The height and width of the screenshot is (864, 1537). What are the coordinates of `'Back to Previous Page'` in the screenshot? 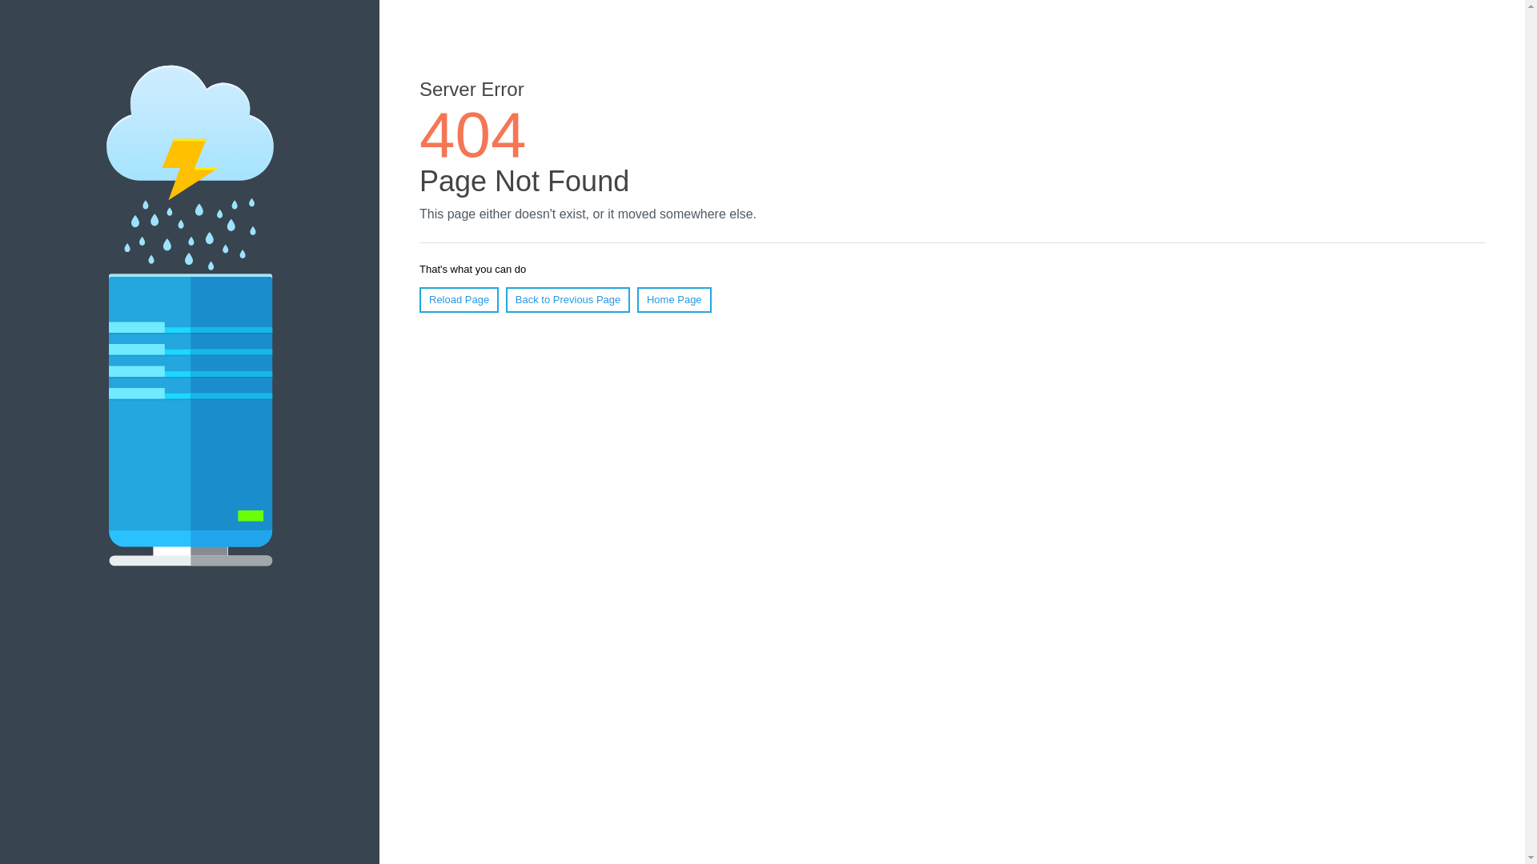 It's located at (505, 299).